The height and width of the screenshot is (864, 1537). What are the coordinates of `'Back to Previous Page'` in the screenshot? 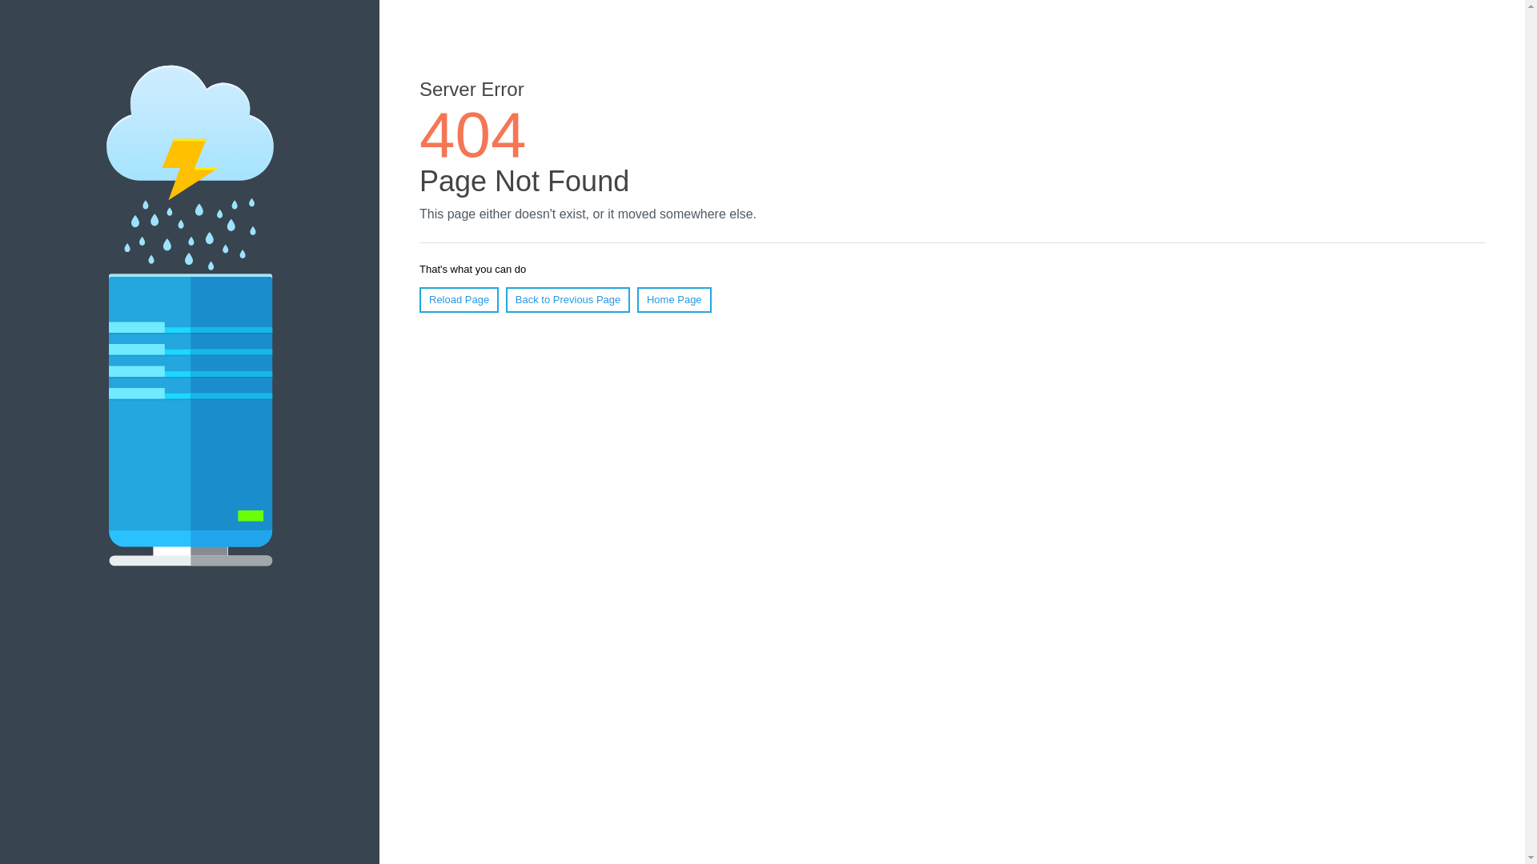 It's located at (505, 299).